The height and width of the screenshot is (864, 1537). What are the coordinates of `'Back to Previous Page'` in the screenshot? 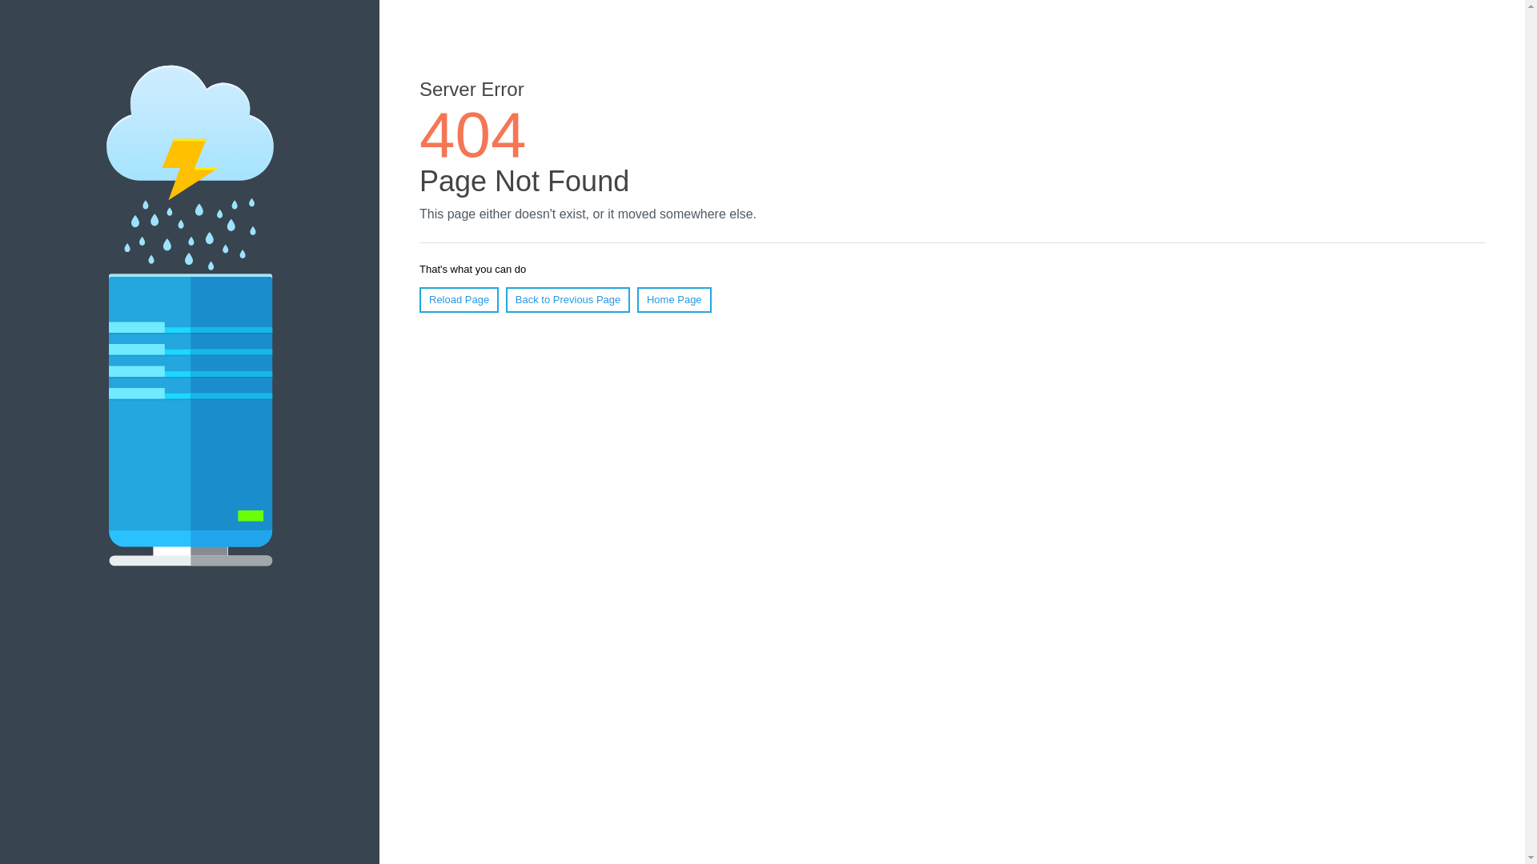 It's located at (505, 299).